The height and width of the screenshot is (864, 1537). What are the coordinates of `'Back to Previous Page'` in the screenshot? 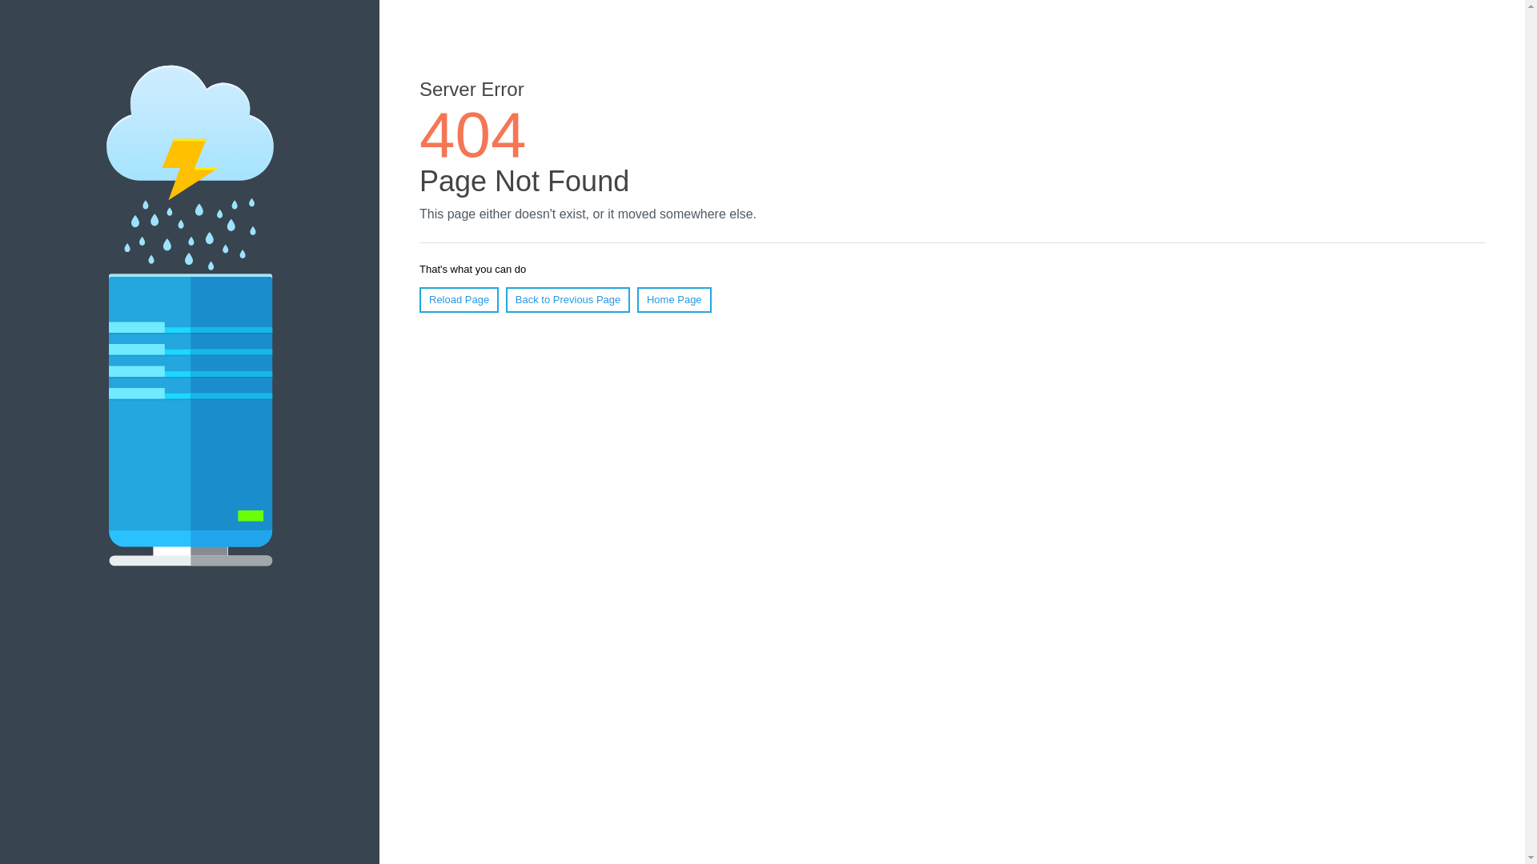 It's located at (505, 299).